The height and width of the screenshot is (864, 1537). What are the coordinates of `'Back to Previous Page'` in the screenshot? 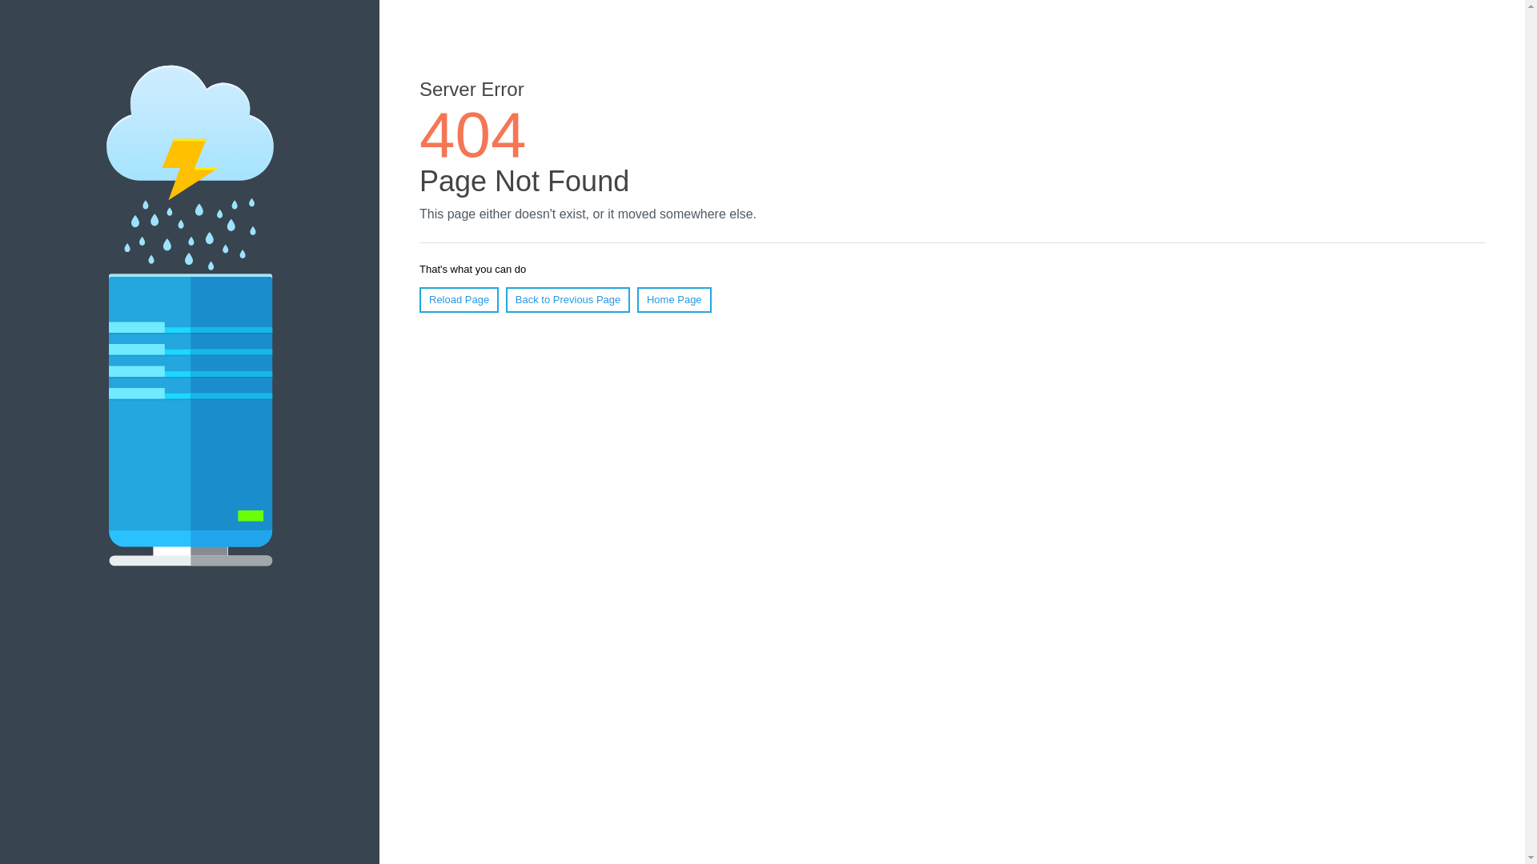 It's located at (505, 299).